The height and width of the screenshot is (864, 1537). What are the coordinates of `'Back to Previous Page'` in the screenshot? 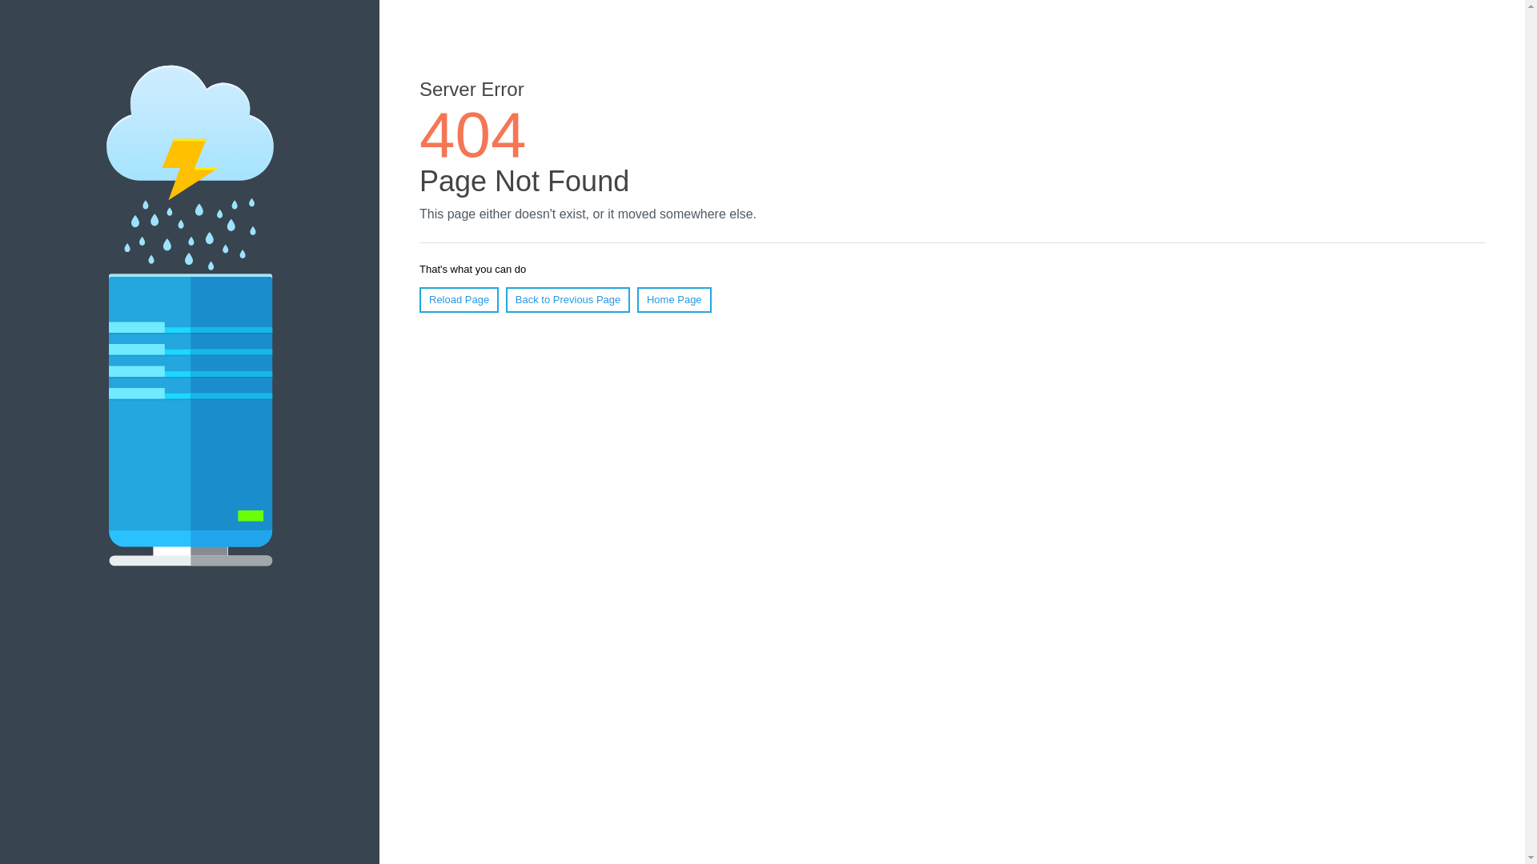 It's located at (505, 299).